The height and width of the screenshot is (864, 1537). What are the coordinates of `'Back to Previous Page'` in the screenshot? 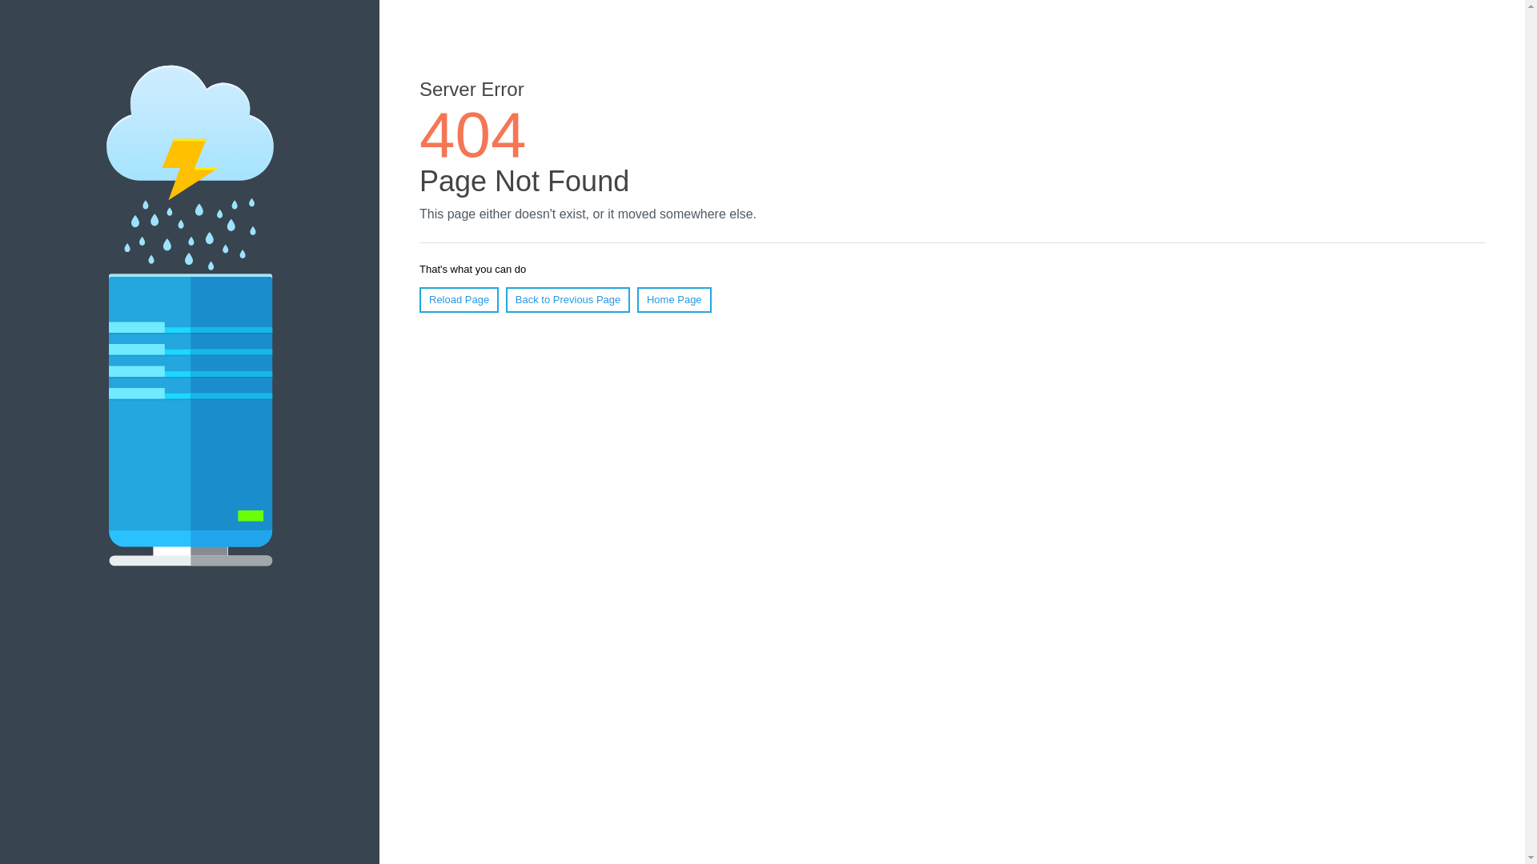 It's located at (505, 299).